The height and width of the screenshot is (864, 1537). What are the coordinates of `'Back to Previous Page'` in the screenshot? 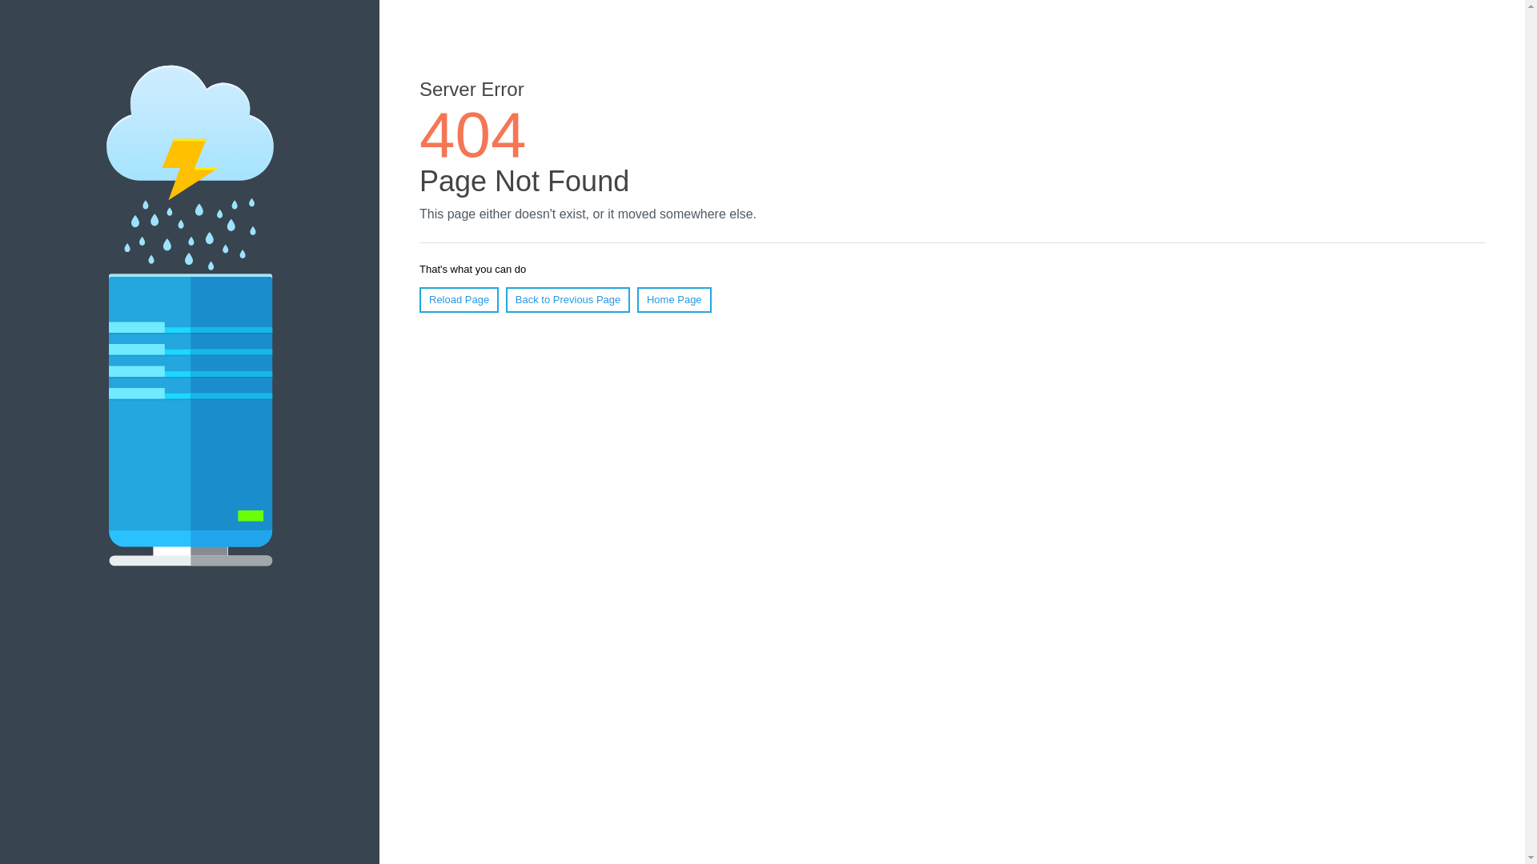 It's located at (505, 299).